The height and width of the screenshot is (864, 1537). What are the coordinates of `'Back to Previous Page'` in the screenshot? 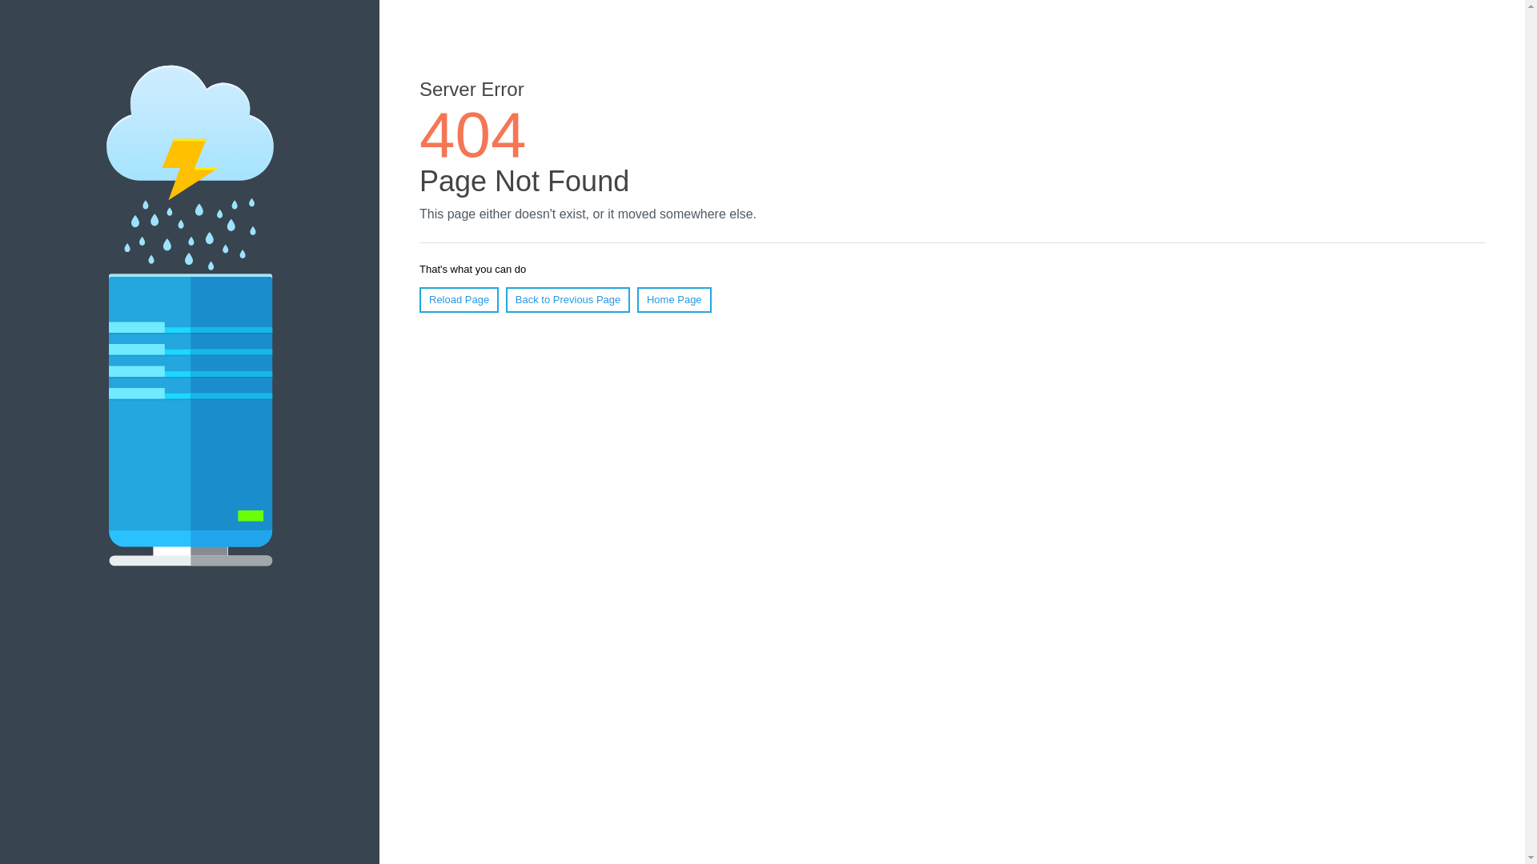 It's located at (505, 299).